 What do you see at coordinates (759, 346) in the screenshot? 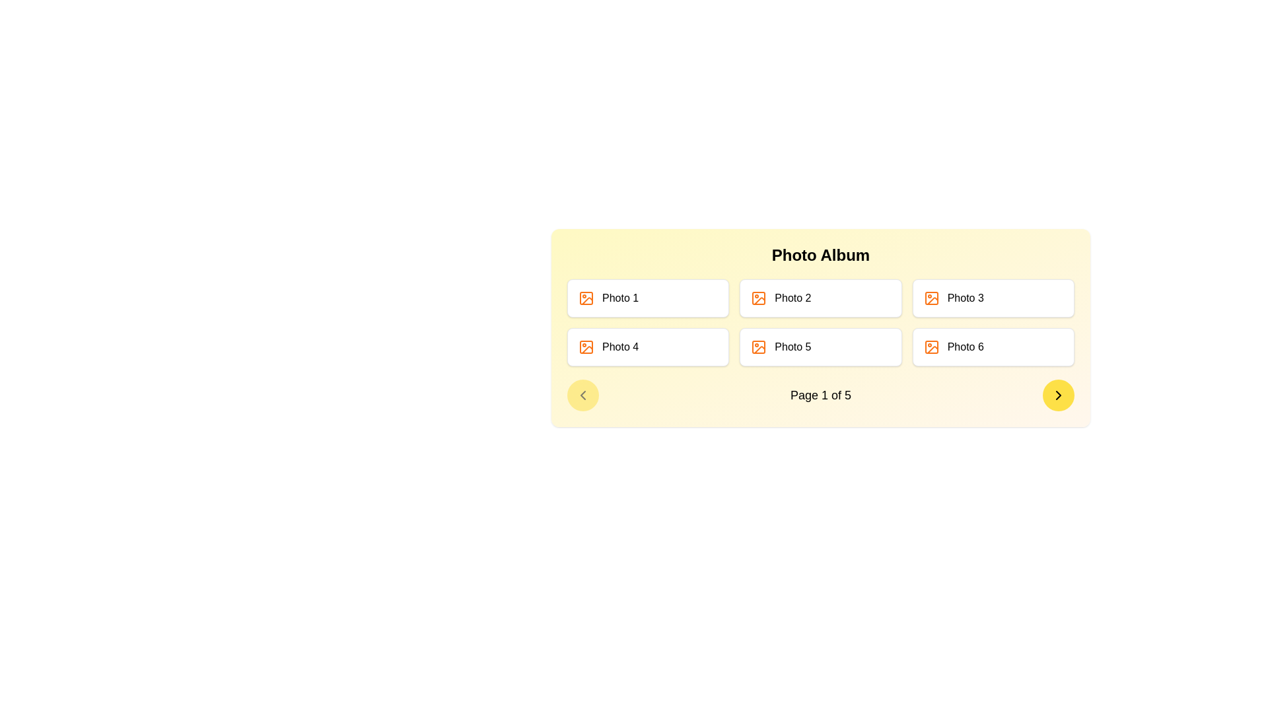
I see `the orange-colored icon resembling a simplified image placeholder with a slashed line and a circular mark, located in the center-left area of the 'Photo 5' card` at bounding box center [759, 346].